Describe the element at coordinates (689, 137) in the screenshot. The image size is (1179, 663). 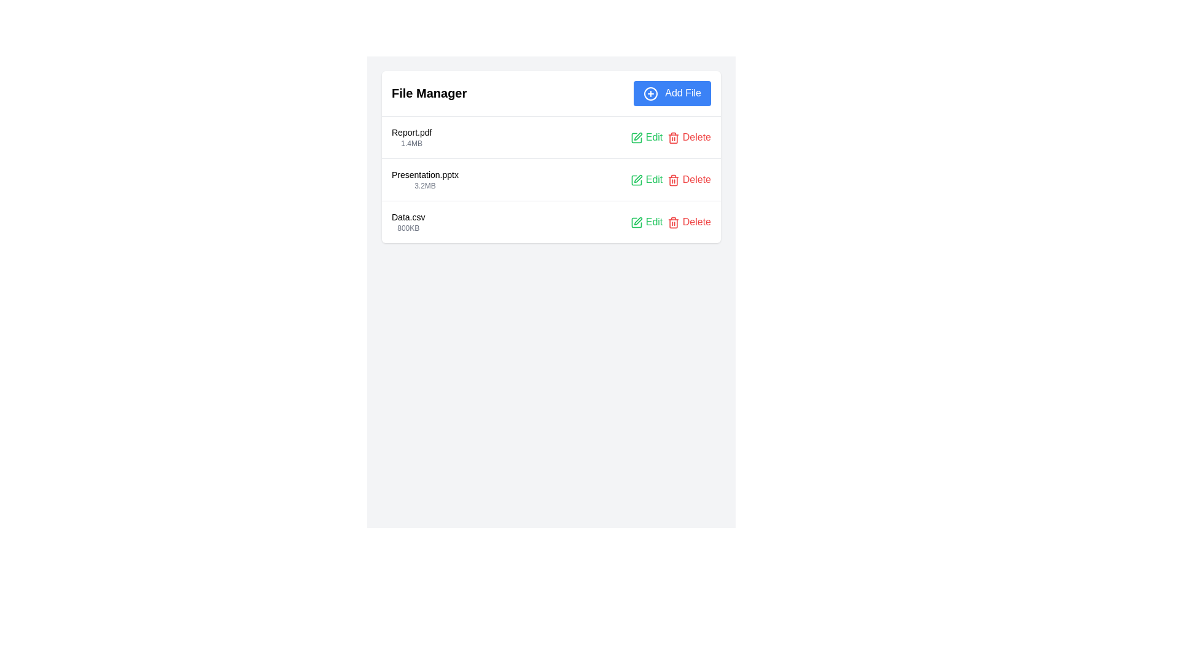
I see `the delete button located to the right of the 'Edit' button in the file manager interface` at that location.